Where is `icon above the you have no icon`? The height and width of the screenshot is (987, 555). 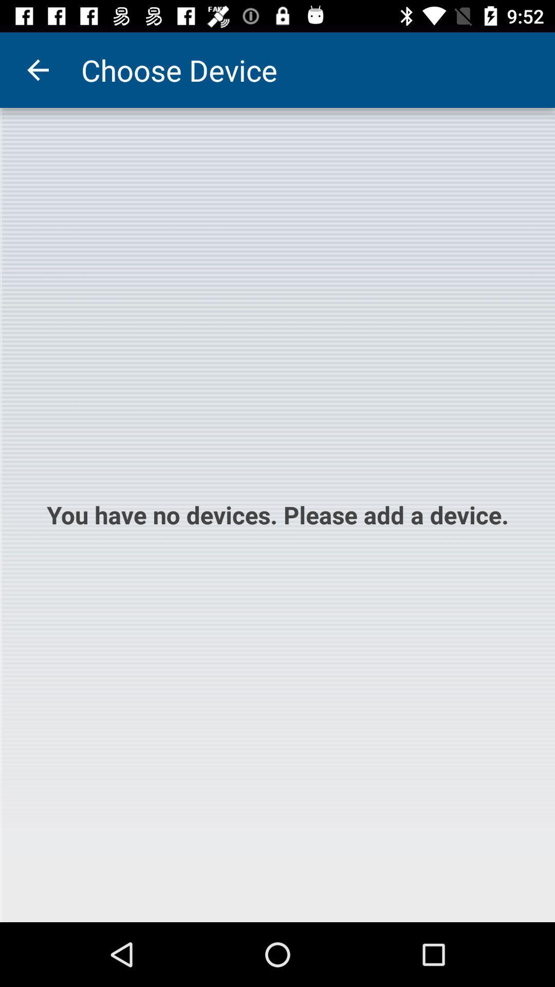
icon above the you have no icon is located at coordinates (37, 69).